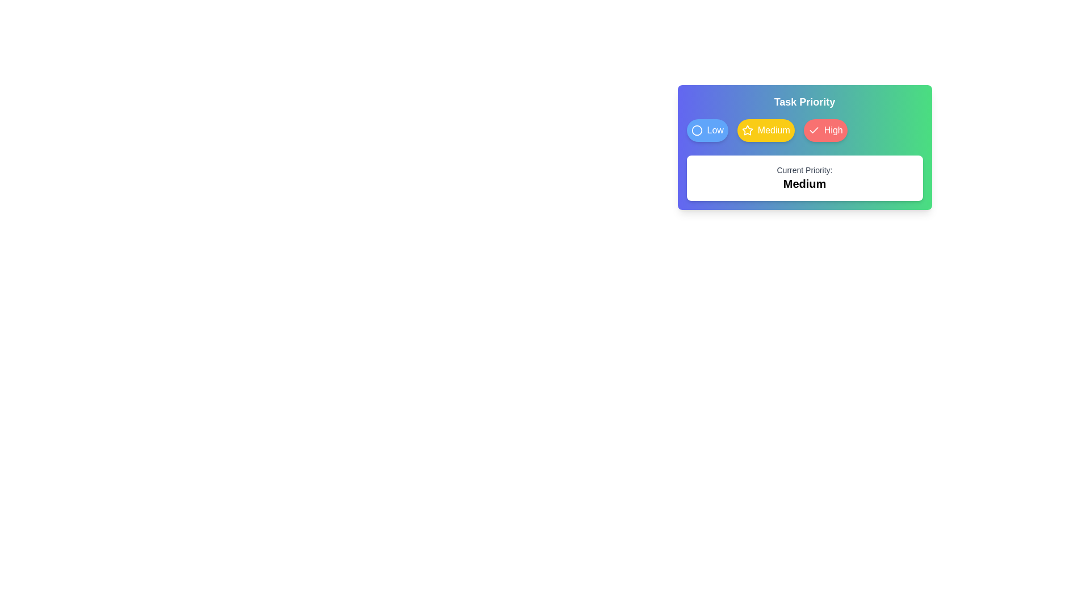 This screenshot has height=613, width=1090. What do you see at coordinates (747, 130) in the screenshot?
I see `the star icon inside the yellow circular button labeled 'Medium', which is the leftmost part of the button in the group between 'Low' and 'High'` at bounding box center [747, 130].